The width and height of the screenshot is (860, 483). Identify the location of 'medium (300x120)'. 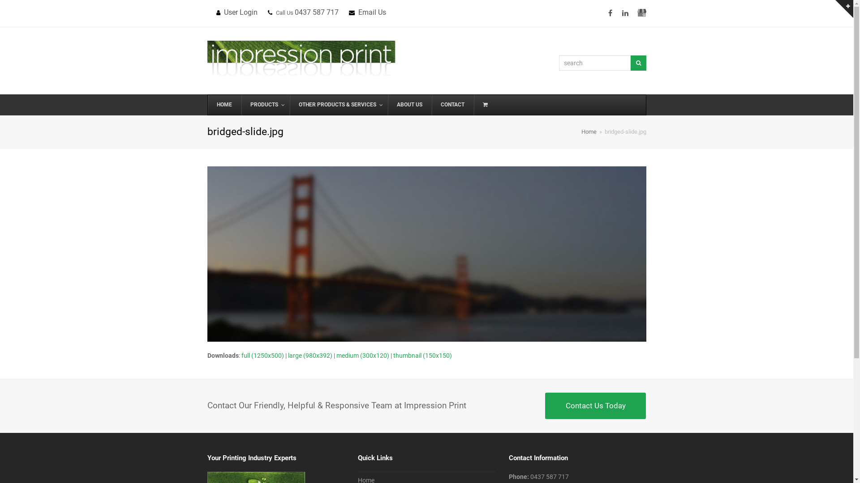
(362, 355).